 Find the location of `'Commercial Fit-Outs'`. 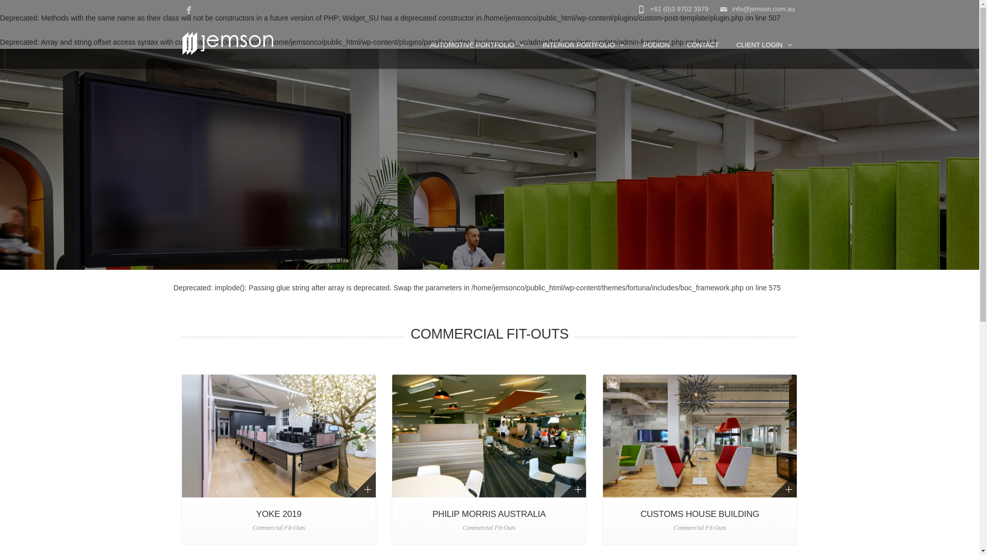

'Commercial Fit-Outs' is located at coordinates (446, 471).